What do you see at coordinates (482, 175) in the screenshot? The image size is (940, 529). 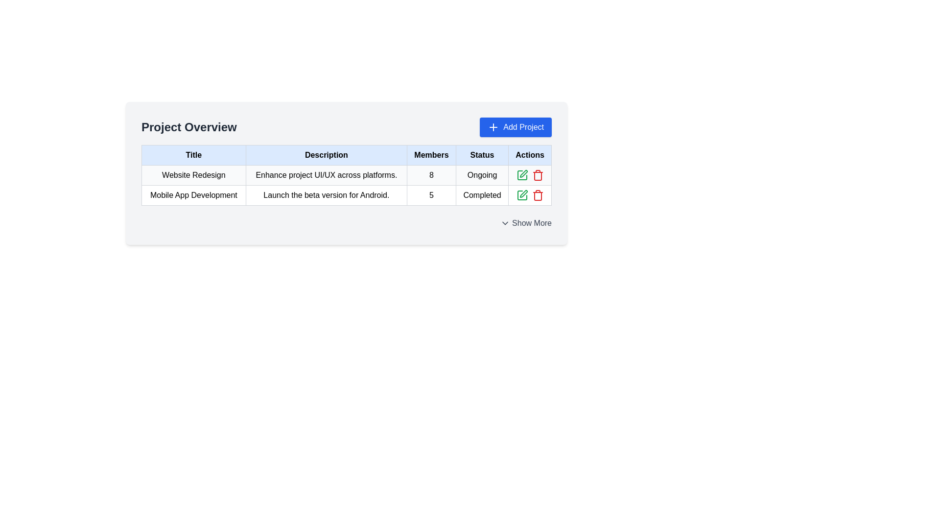 I see `the 'Ongoing' text label element, which is styled with a moderately bold font and located in the fourth column of the first row under the 'Status' header in the table` at bounding box center [482, 175].